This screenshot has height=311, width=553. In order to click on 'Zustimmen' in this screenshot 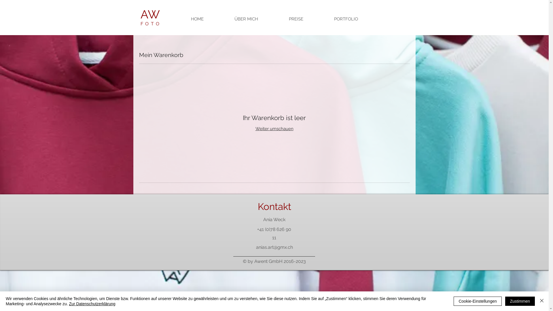, I will do `click(520, 301)`.